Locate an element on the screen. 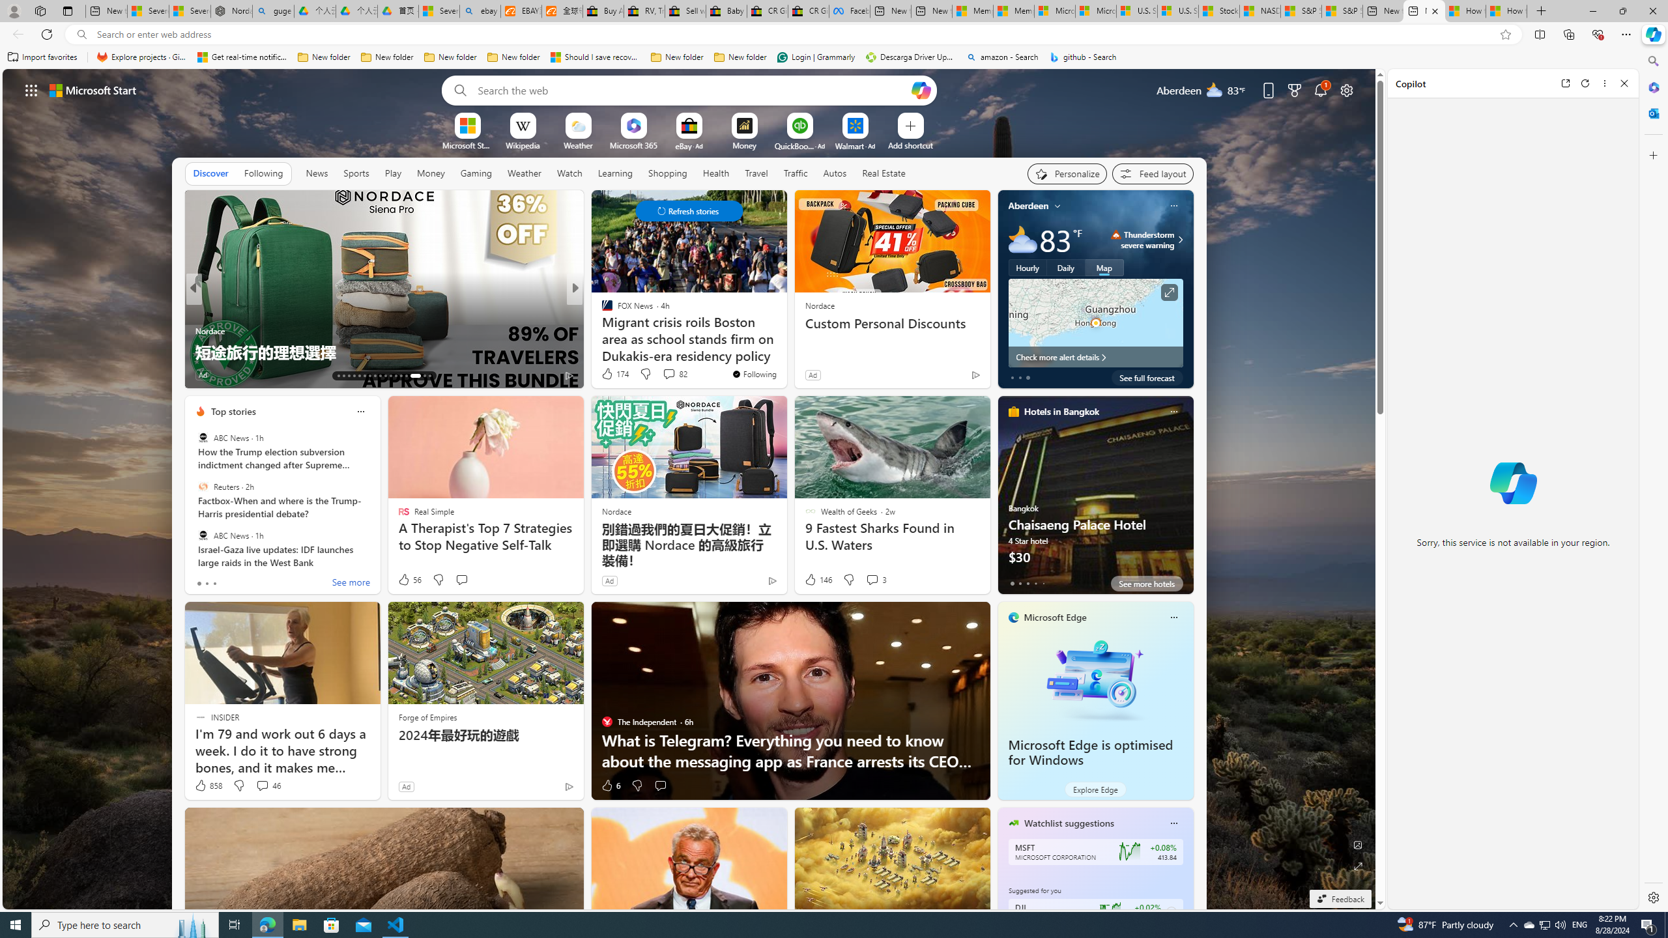 Image resolution: width=1668 pixels, height=938 pixels. 'Watchlist suggestions' is located at coordinates (1068, 823).